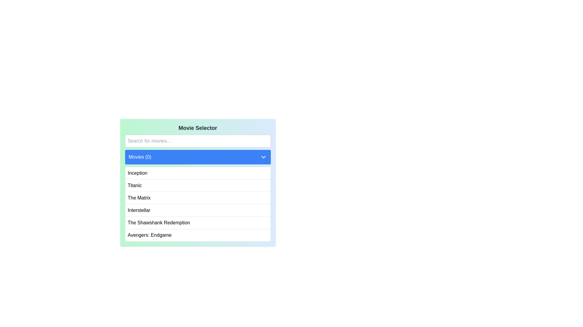 The image size is (583, 327). Describe the element at coordinates (198, 210) in the screenshot. I see `the movie title 'Interstellar' in the selection list` at that location.